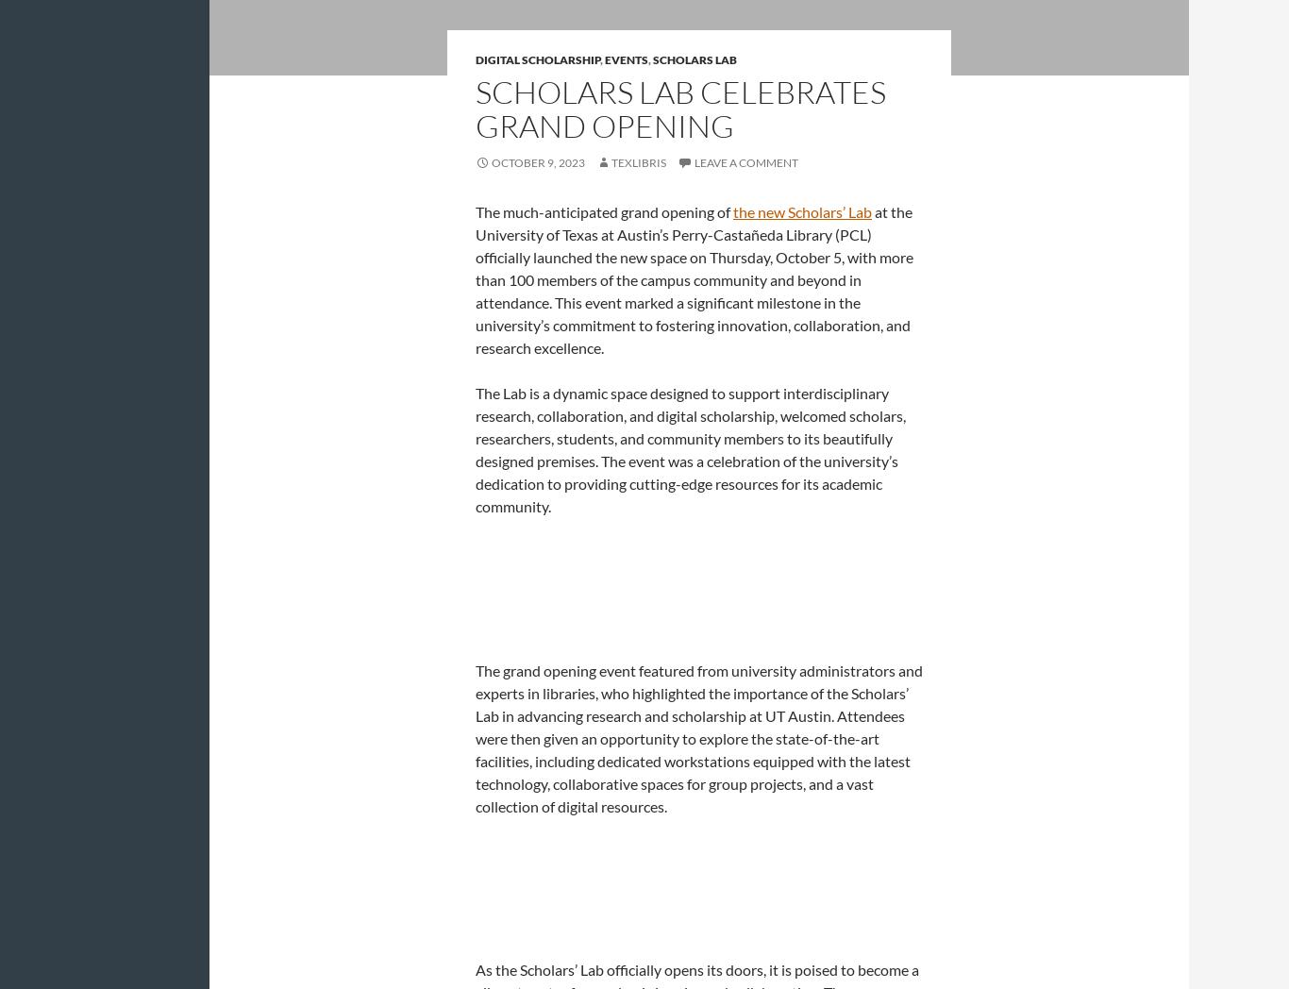  What do you see at coordinates (603, 210) in the screenshot?
I see `'The much-anticipated grand opening of'` at bounding box center [603, 210].